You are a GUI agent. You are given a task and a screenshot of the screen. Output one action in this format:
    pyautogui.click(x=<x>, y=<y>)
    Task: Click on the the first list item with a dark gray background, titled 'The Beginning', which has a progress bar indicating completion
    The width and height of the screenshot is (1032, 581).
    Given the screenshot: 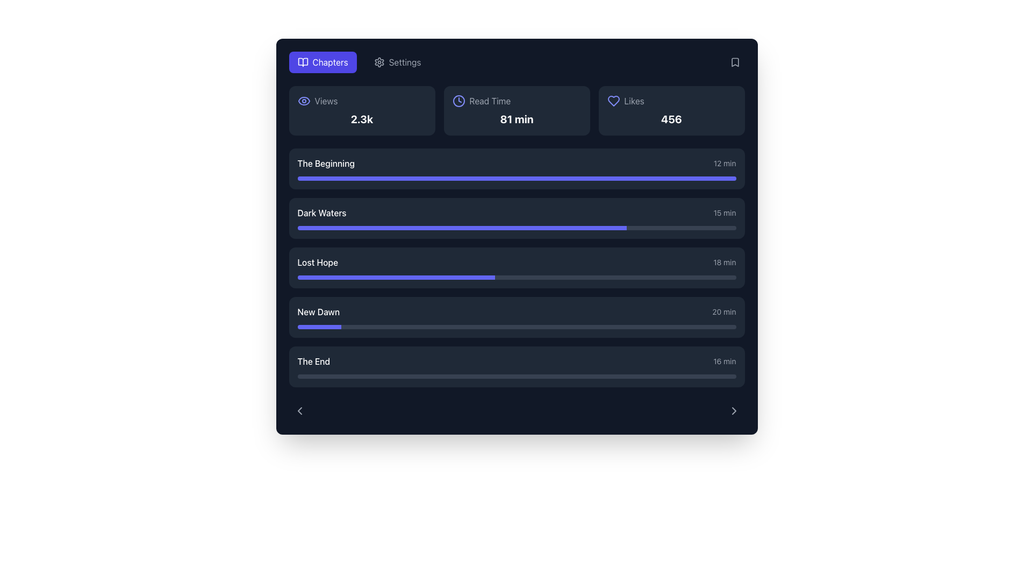 What is the action you would take?
    pyautogui.click(x=517, y=168)
    